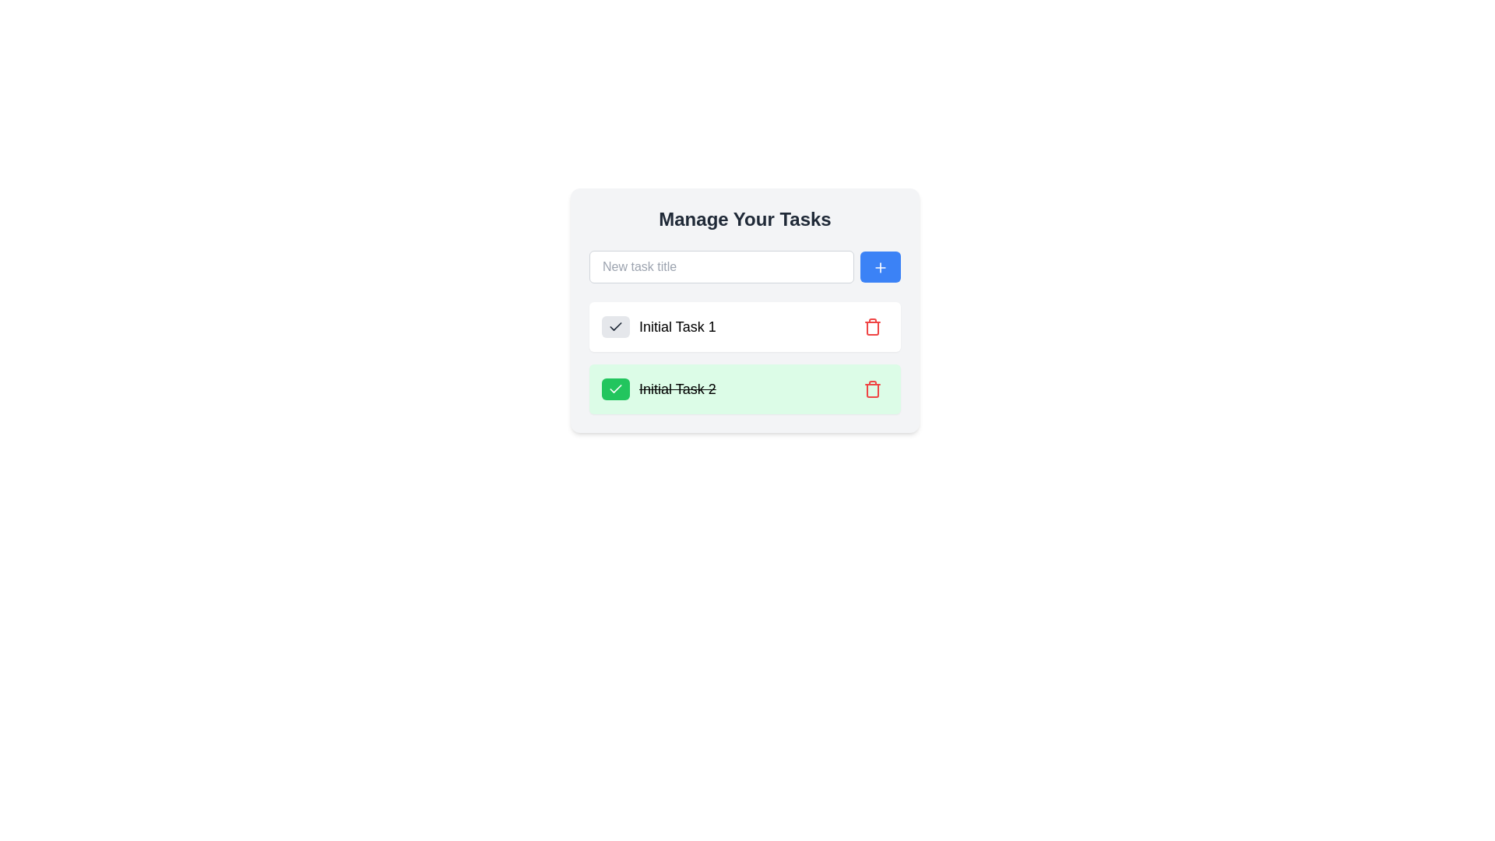 This screenshot has width=1495, height=841. What do you see at coordinates (615, 389) in the screenshot?
I see `the green checkmark icon which is styled as a button with a white outline, located to the left of the text 'Initial Task 2'` at bounding box center [615, 389].